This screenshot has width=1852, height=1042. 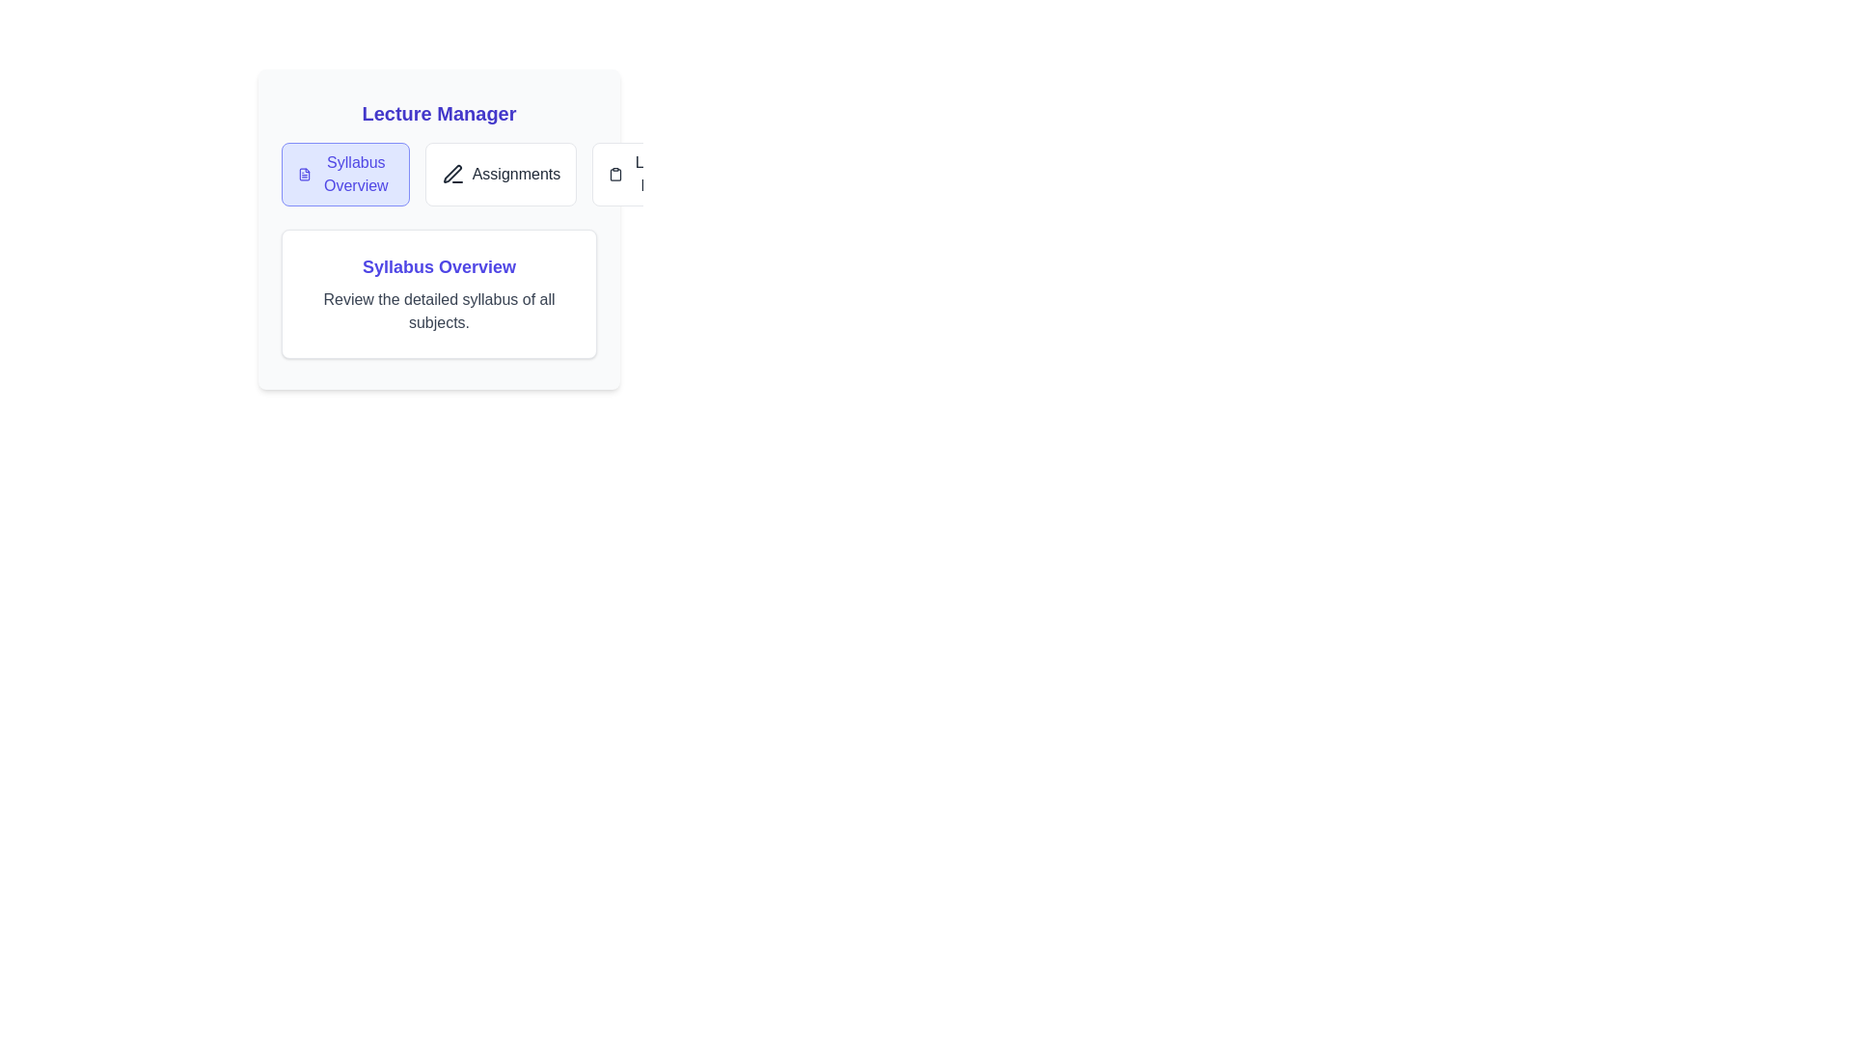 What do you see at coordinates (304, 175) in the screenshot?
I see `the SVG icon resembling a document with horizontal lines representing text, styled with a blue-tinted color scheme, located inside the 'Syllabus Overview' button, positioned to the left side of the textual label` at bounding box center [304, 175].